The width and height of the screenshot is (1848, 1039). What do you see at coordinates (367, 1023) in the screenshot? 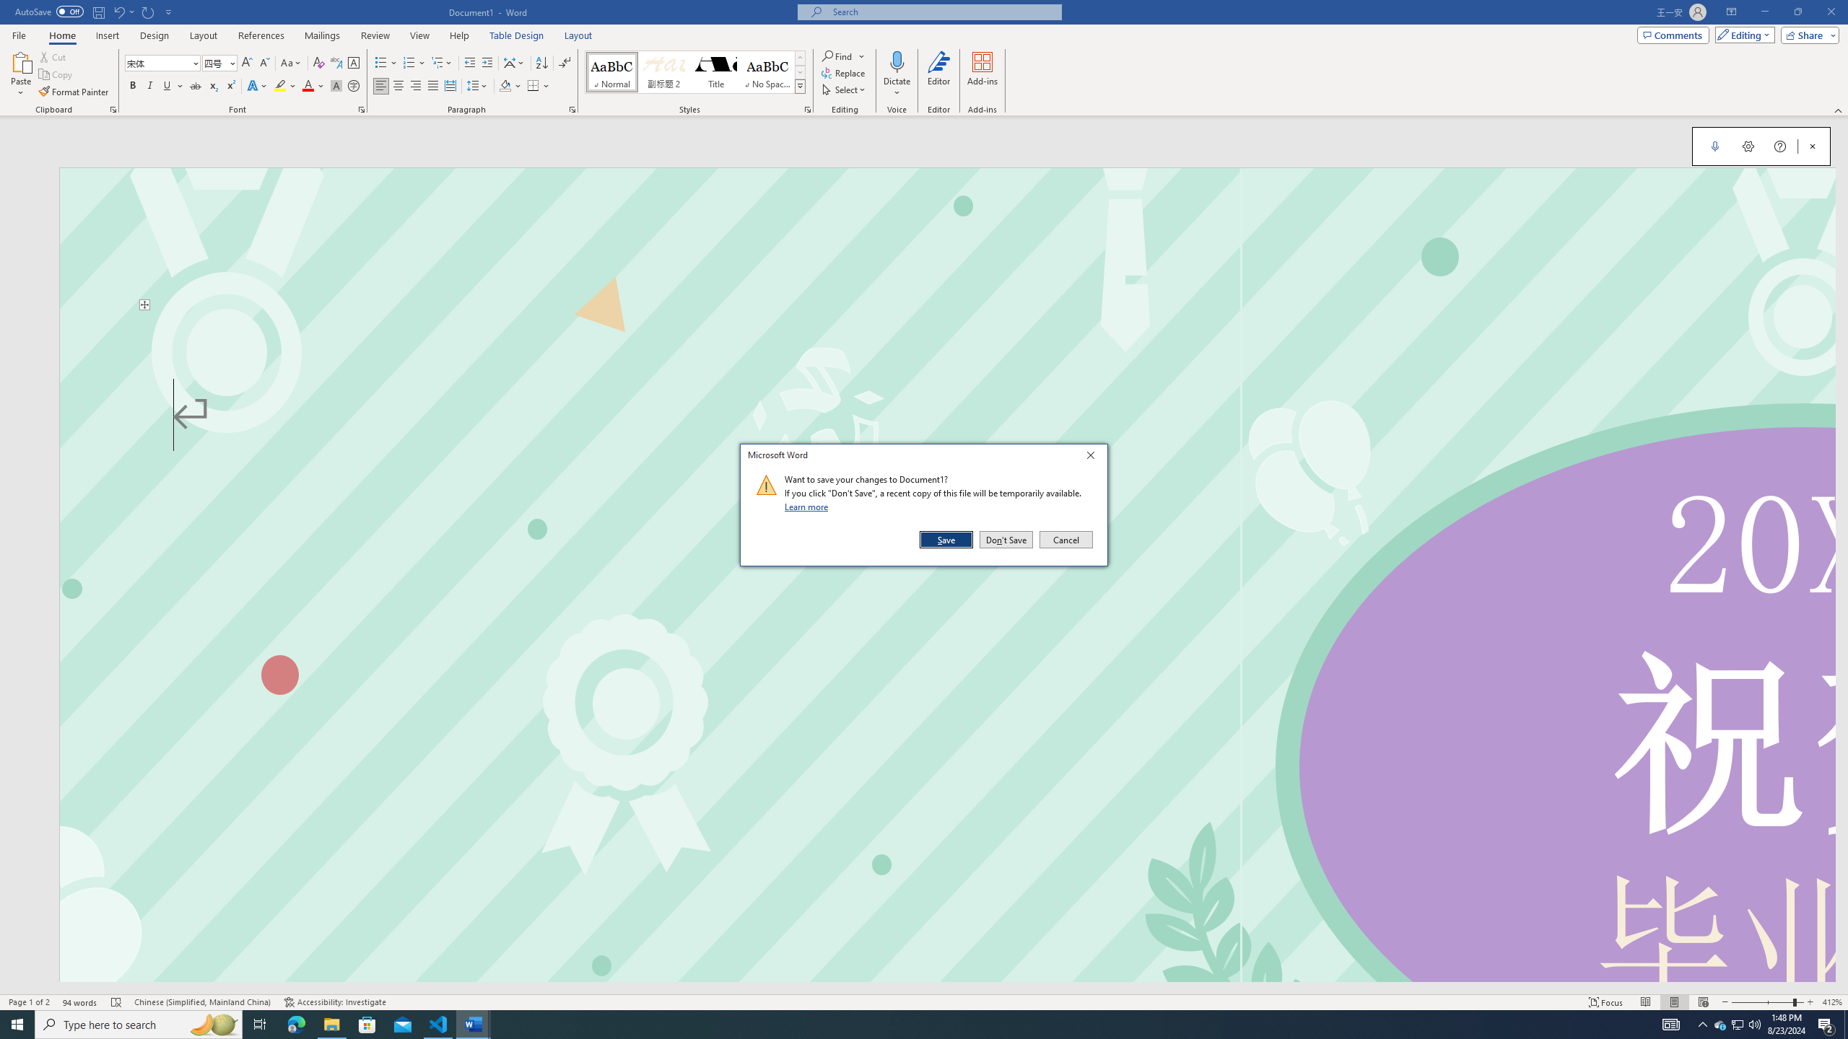
I see `'Microsoft Store'` at bounding box center [367, 1023].